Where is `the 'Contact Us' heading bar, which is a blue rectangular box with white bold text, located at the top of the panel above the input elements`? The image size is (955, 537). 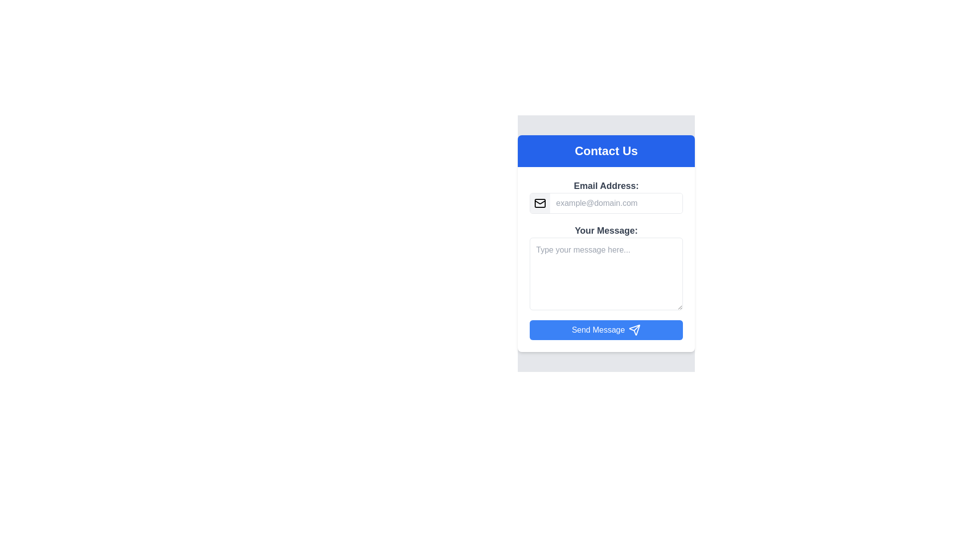
the 'Contact Us' heading bar, which is a blue rectangular box with white bold text, located at the top of the panel above the input elements is located at coordinates (606, 151).